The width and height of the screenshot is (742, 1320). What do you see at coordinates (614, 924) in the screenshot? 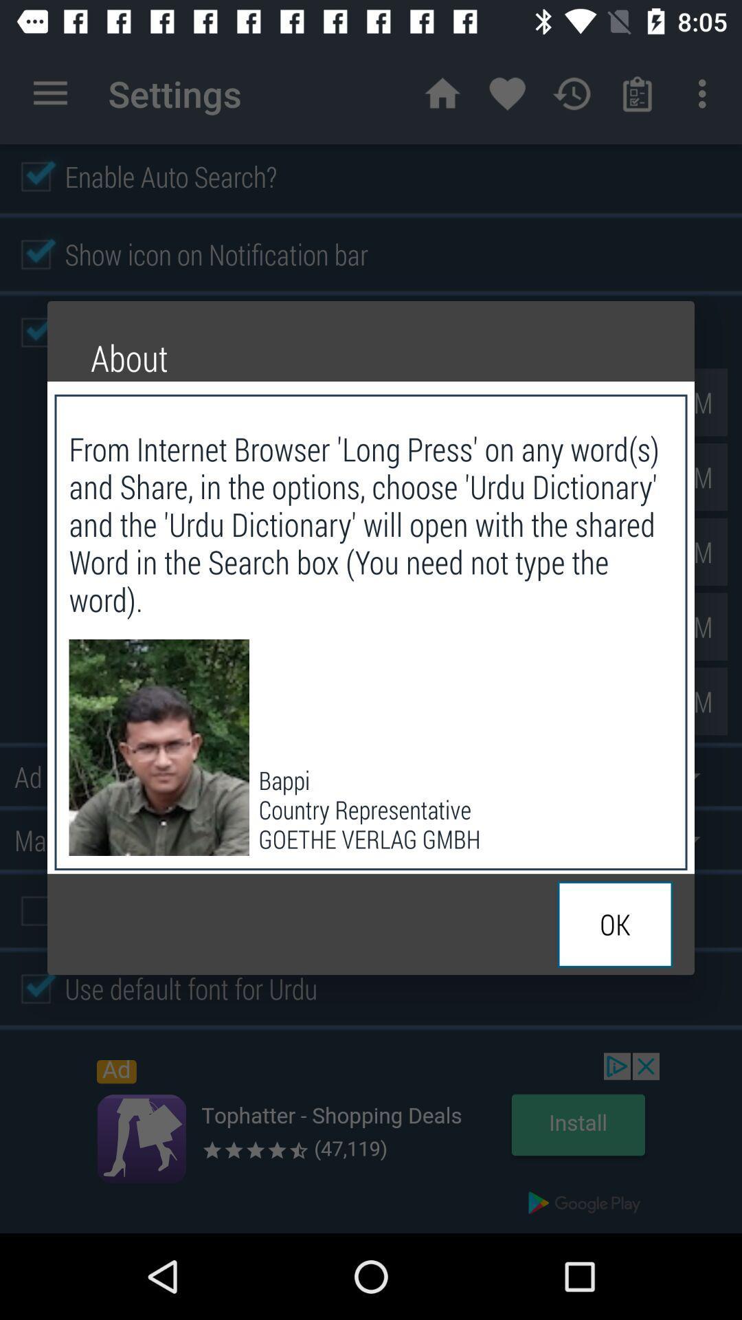
I see `item below the bappi country representative` at bounding box center [614, 924].